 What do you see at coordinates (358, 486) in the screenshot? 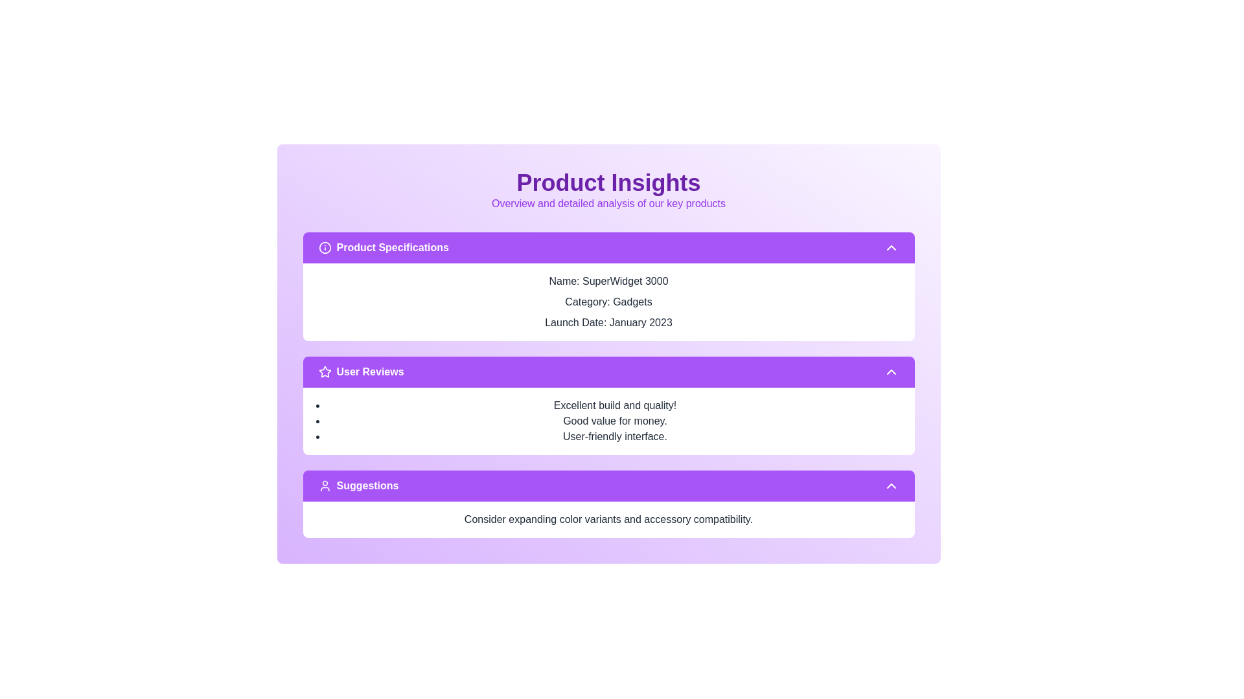
I see `text from the 'Suggestions' header section, which features large, bold, white text on a purple background, located at the bottom of the vertical stack of panels` at bounding box center [358, 486].